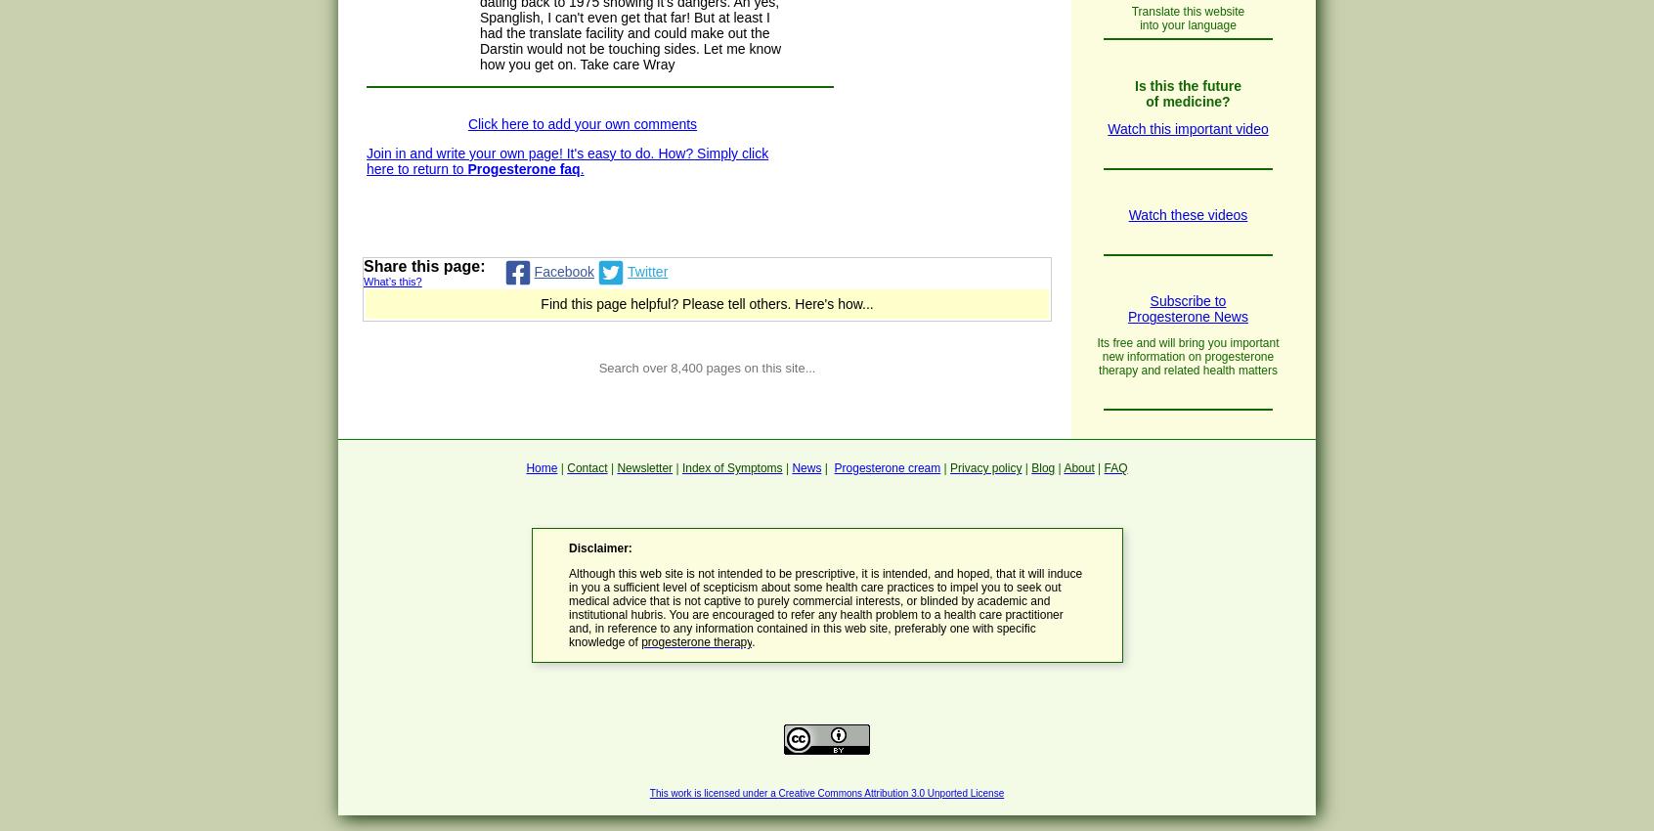 The height and width of the screenshot is (831, 1654). Describe the element at coordinates (1113, 467) in the screenshot. I see `'FAQ'` at that location.